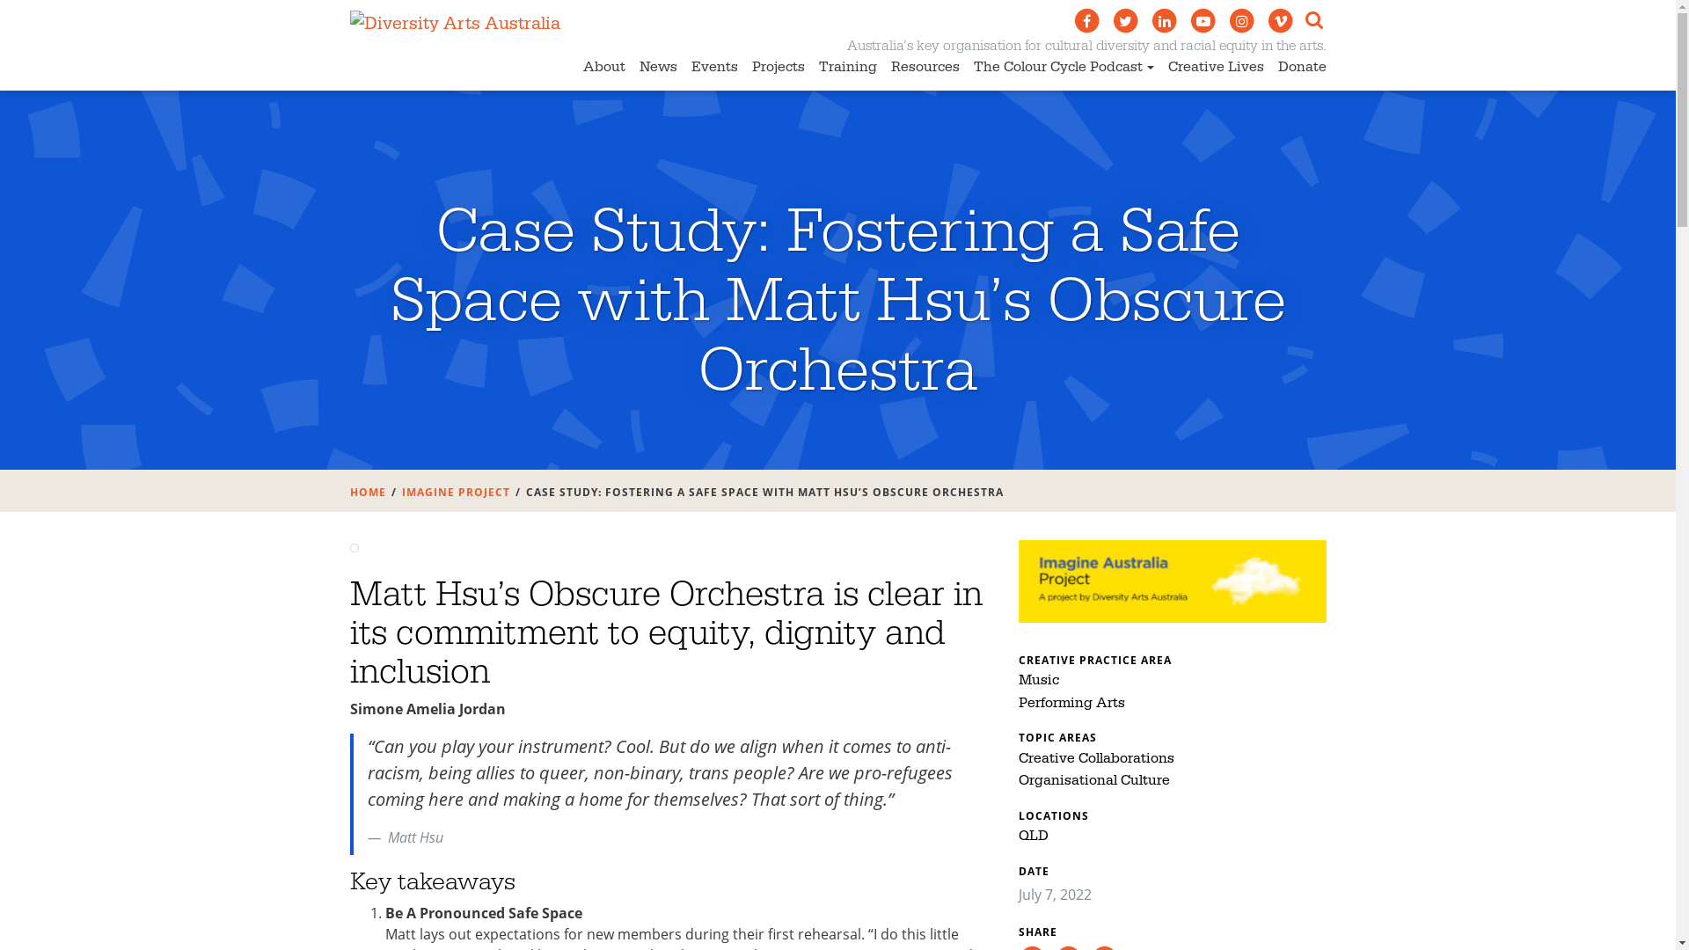 The image size is (1689, 950). What do you see at coordinates (1301, 69) in the screenshot?
I see `'Donate'` at bounding box center [1301, 69].